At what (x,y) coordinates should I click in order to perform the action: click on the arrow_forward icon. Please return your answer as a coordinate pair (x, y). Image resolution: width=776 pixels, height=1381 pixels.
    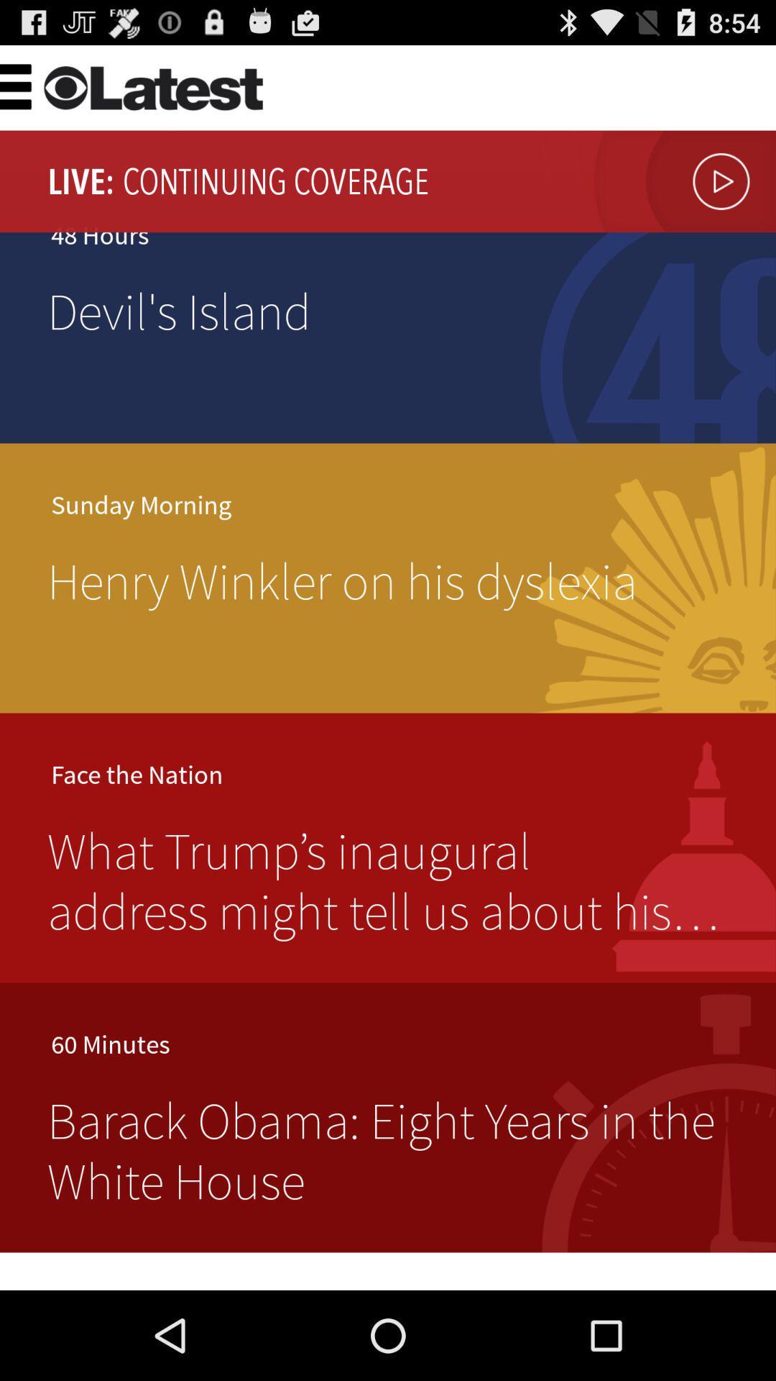
    Looking at the image, I should click on (680, 193).